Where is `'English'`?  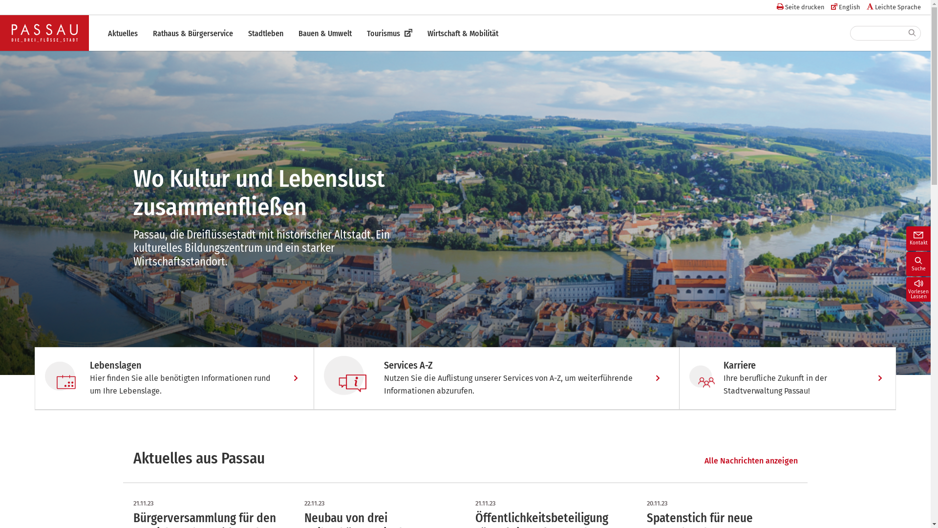 'English' is located at coordinates (845, 7).